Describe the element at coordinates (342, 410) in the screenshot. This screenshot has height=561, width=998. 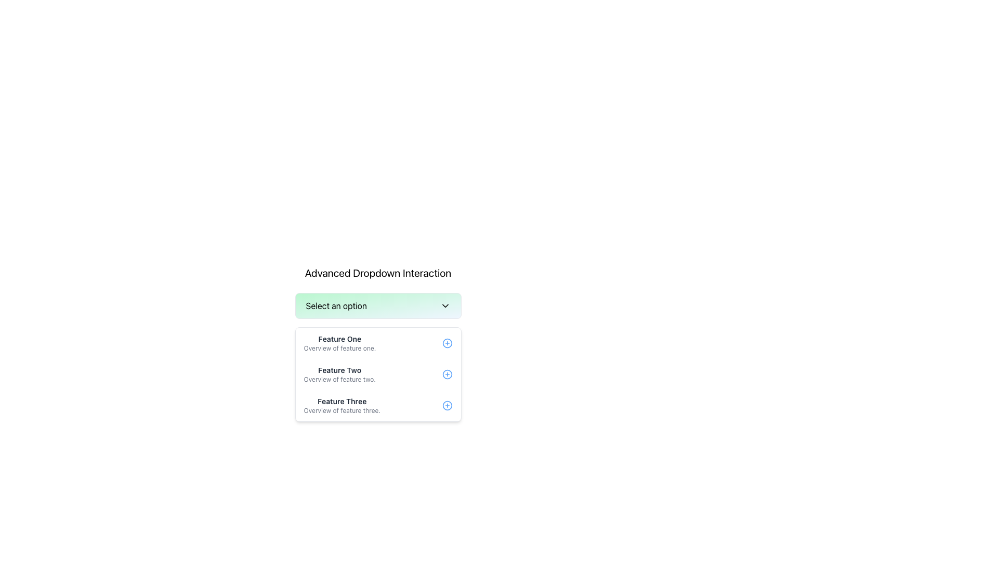
I see `text label that says 'Overview of feature three.' located directly beneath the 'Feature Three' title within the dropdown menu card` at that location.